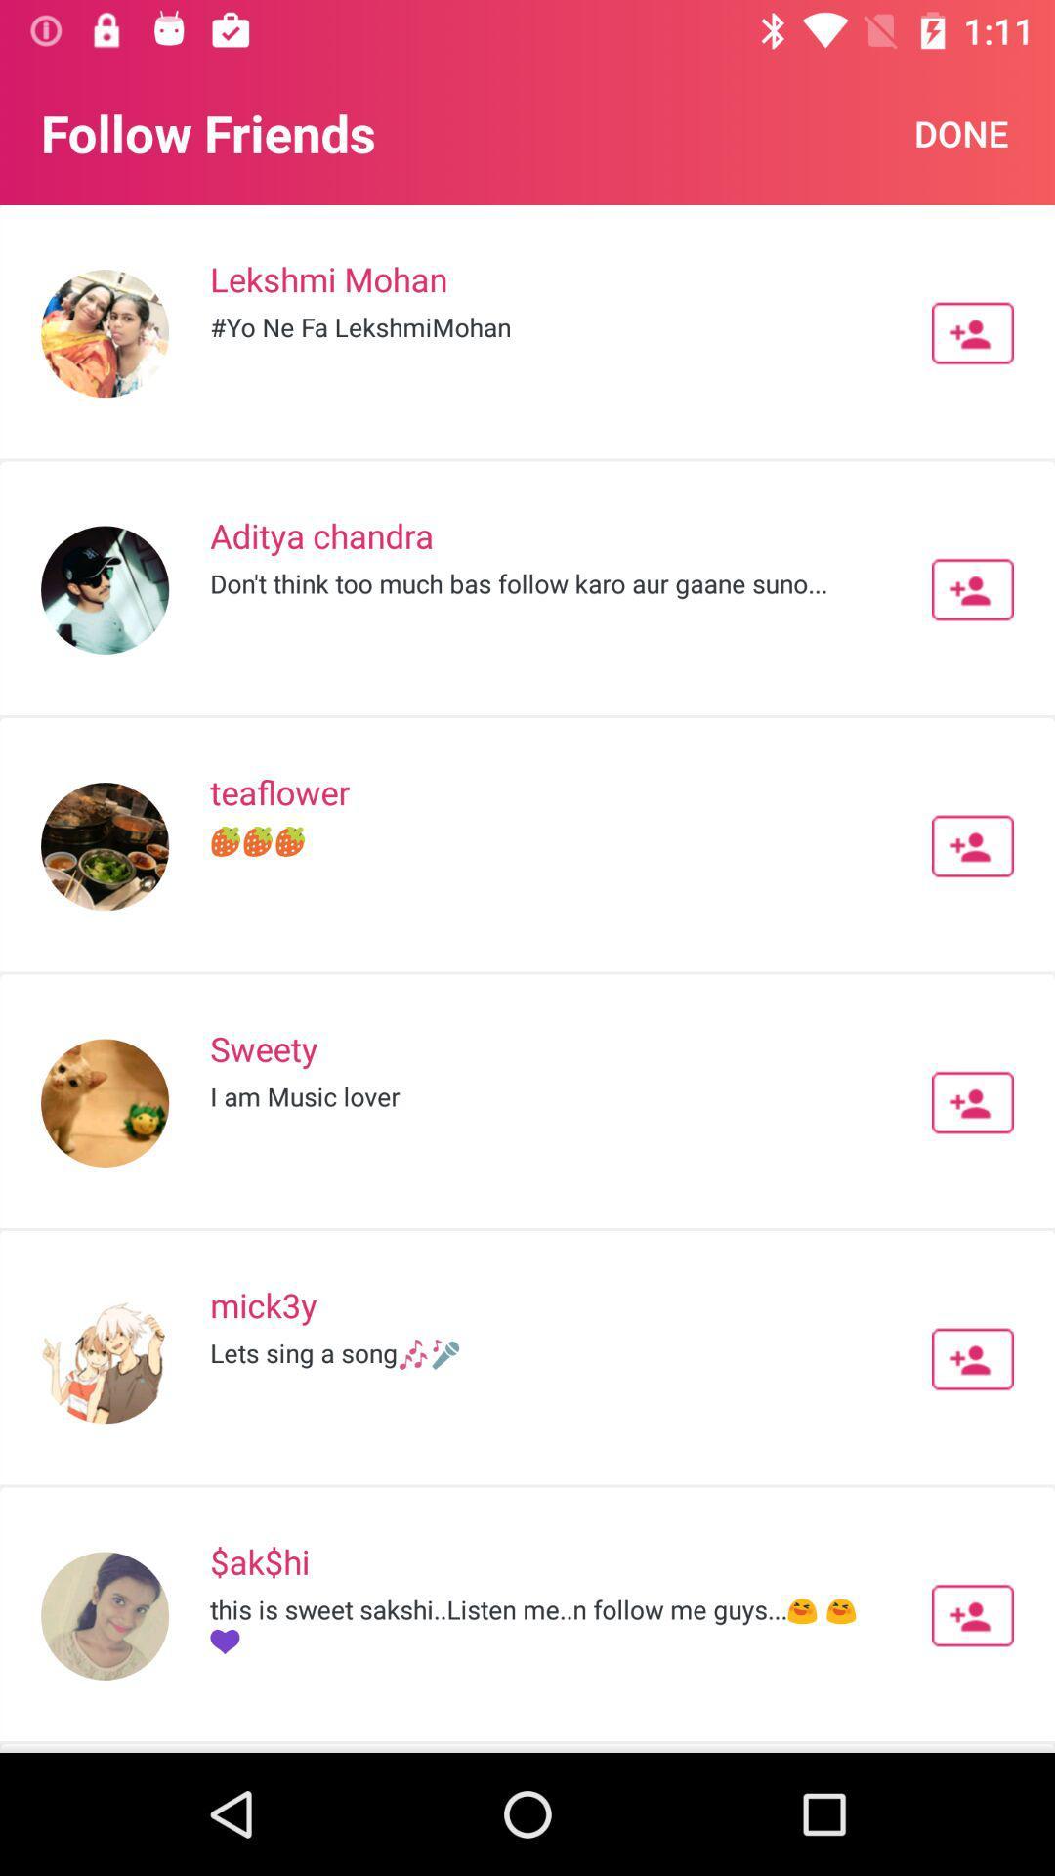 The image size is (1055, 1876). What do you see at coordinates (960, 132) in the screenshot?
I see `done item` at bounding box center [960, 132].